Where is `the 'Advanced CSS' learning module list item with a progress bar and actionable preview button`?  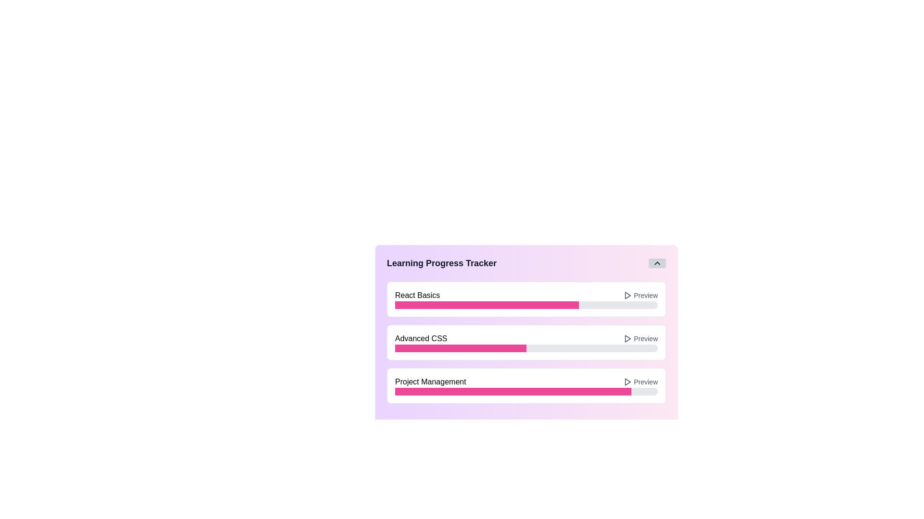
the 'Advanced CSS' learning module list item with a progress bar and actionable preview button is located at coordinates (526, 338).